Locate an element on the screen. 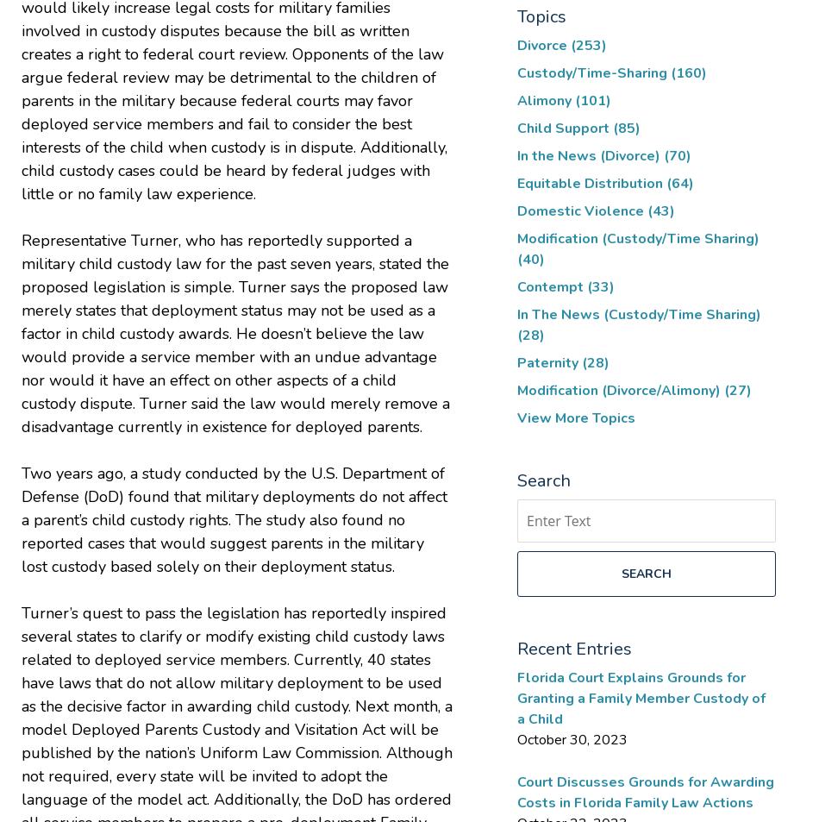  '(27)' is located at coordinates (737, 389).